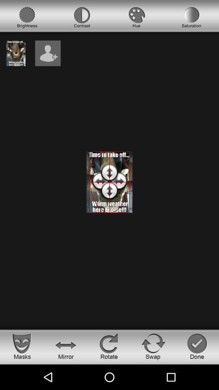 The width and height of the screenshot is (219, 390). Describe the element at coordinates (197, 346) in the screenshot. I see `the check icon` at that location.